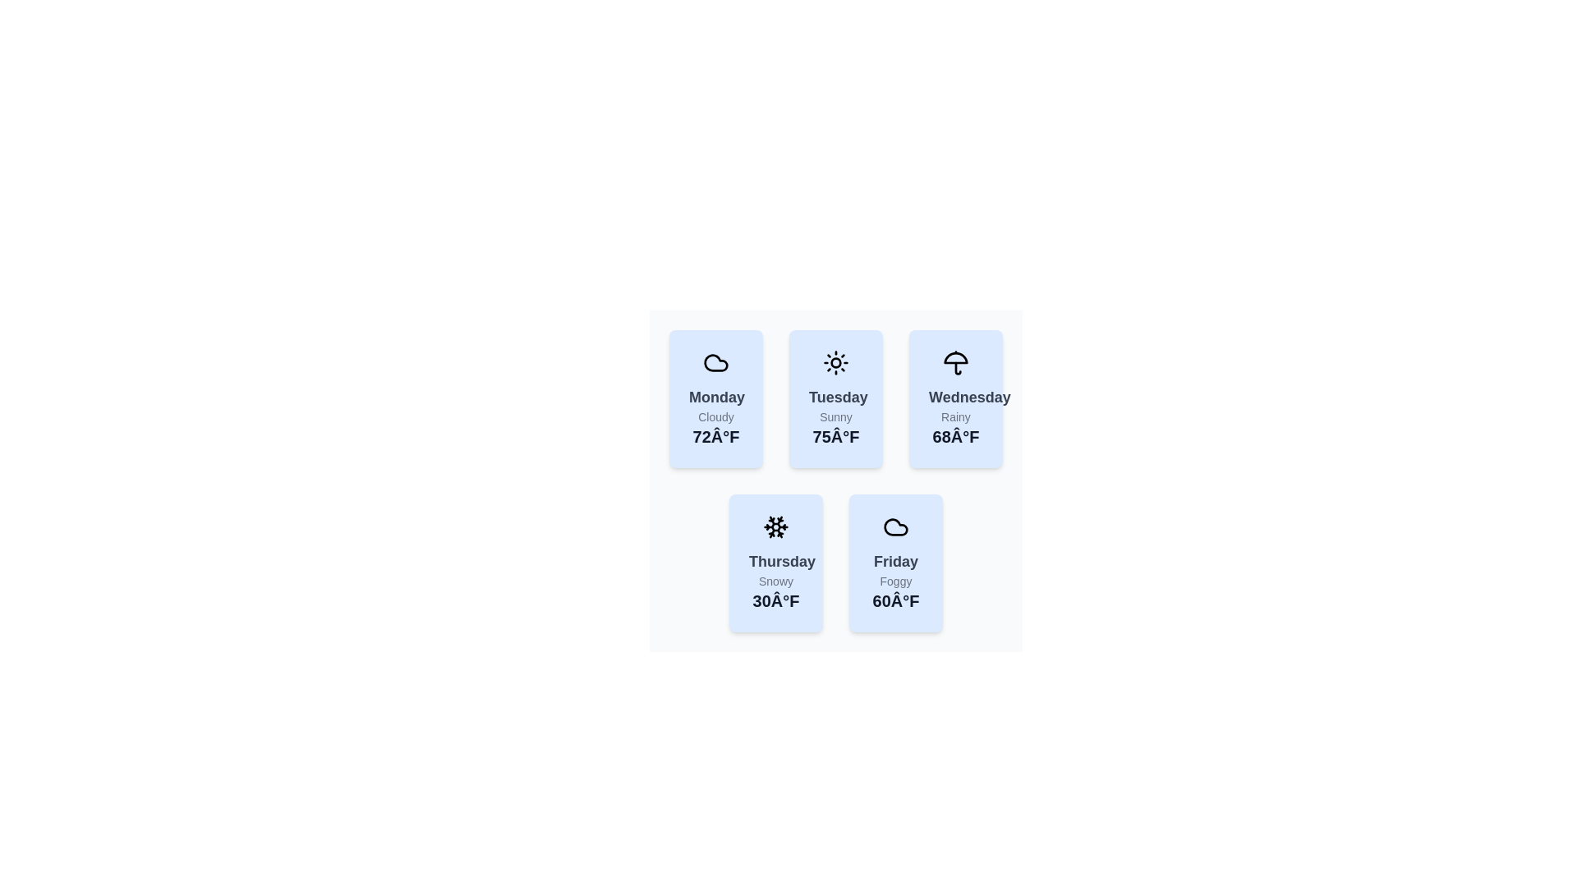 The width and height of the screenshot is (1577, 887). I want to click on the text label indicating 'Friday' in the bottom-right weather card, which displays the day of the week for the weather information, so click(894, 560).